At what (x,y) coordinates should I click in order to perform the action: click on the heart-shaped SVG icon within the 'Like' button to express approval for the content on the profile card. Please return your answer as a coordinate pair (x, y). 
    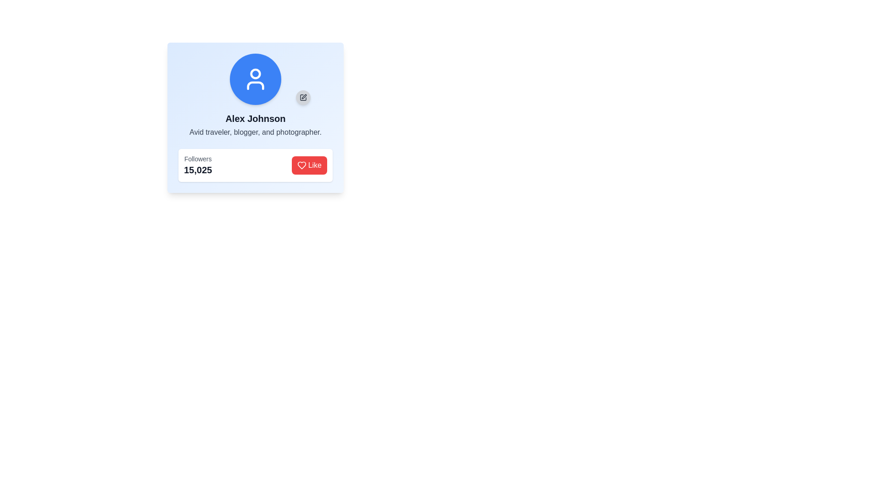
    Looking at the image, I should click on (301, 165).